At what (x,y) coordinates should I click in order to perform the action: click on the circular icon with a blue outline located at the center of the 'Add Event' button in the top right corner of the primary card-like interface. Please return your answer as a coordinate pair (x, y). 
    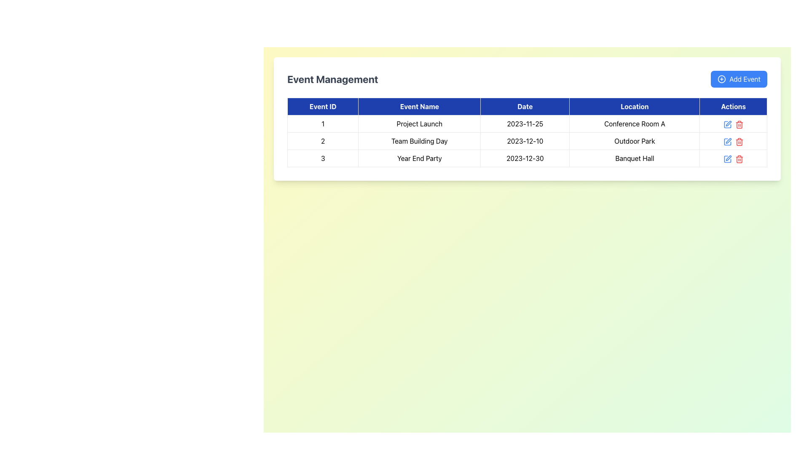
    Looking at the image, I should click on (721, 79).